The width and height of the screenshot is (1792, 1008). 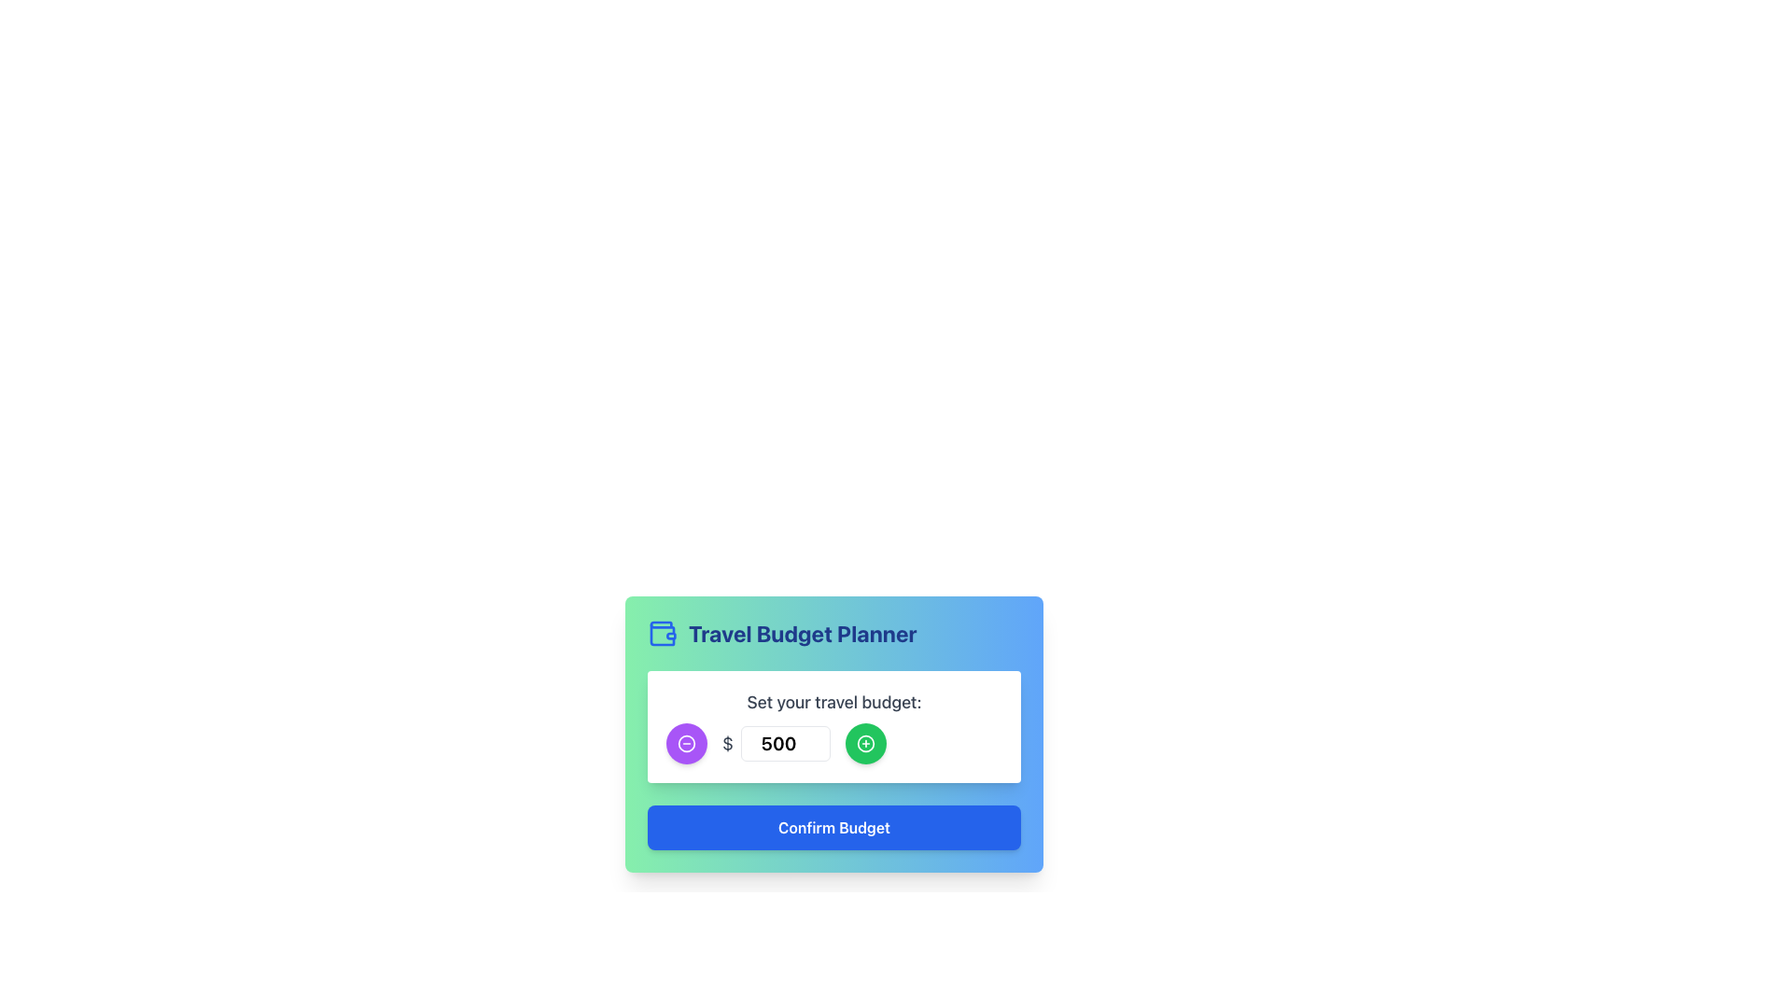 I want to click on the SVG Circle element, which is a circular outline inside a green button with a plus sign, located on the right side of the input row in the 'Travel Budget Planner' modal dialog, so click(x=864, y=743).